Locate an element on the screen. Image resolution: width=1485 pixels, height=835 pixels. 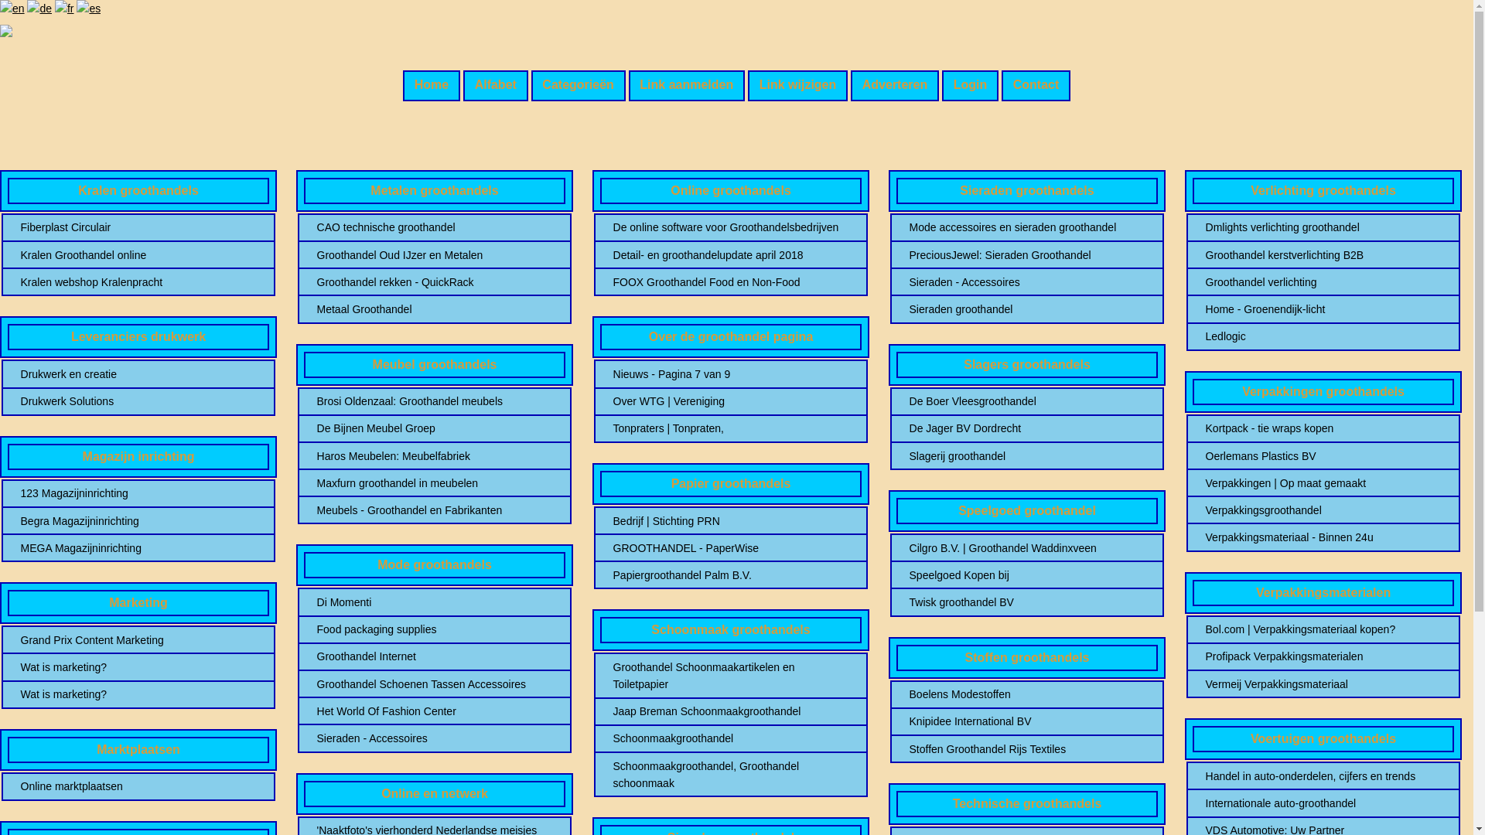
'Grand Prix Content Marketing' is located at coordinates (21, 640).